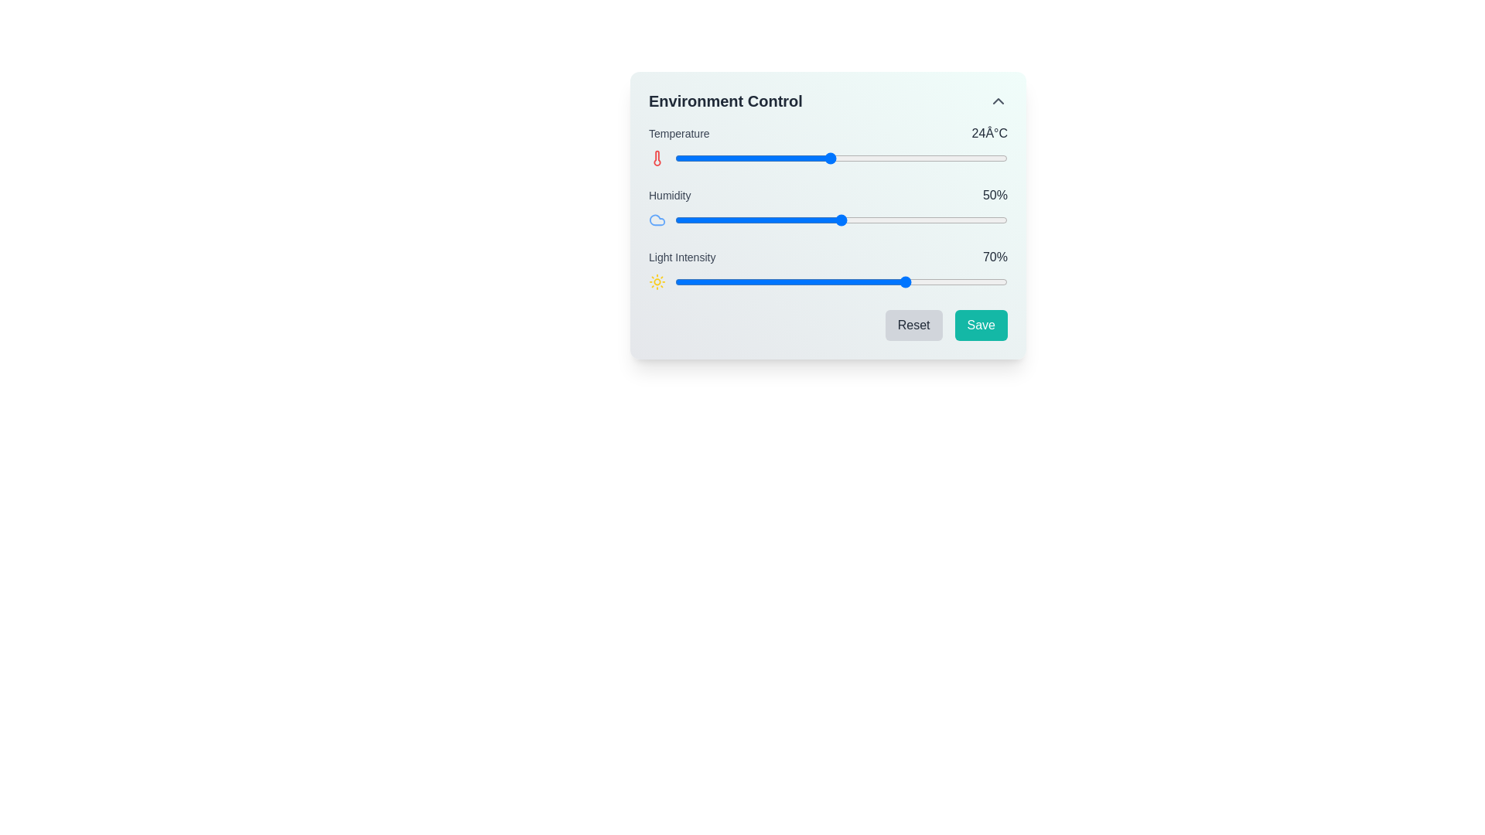 This screenshot has width=1485, height=835. What do you see at coordinates (841, 158) in the screenshot?
I see `the temperature slider` at bounding box center [841, 158].